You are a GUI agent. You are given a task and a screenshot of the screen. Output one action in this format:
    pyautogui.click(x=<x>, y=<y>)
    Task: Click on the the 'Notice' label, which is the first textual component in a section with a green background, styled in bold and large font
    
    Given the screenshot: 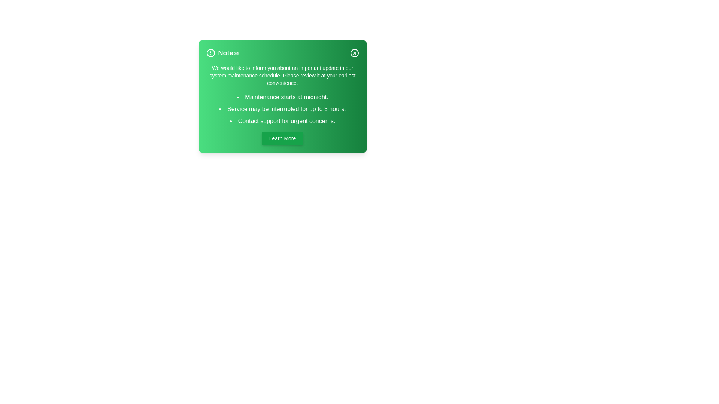 What is the action you would take?
    pyautogui.click(x=222, y=53)
    